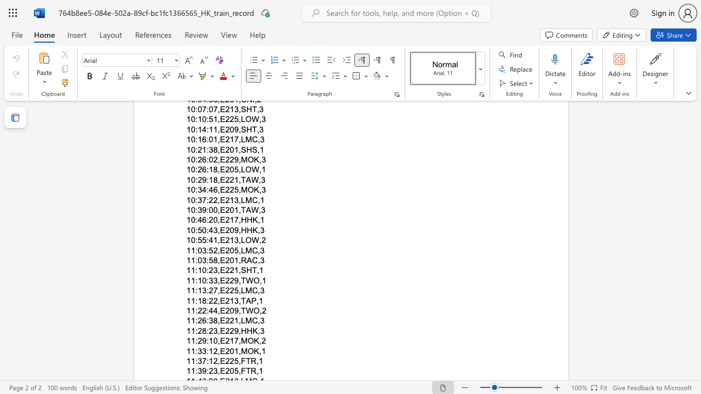  Describe the element at coordinates (197, 330) in the screenshot. I see `the subset text "28:23,E" within the text "11:28:23,E229,HHK,3"` at that location.